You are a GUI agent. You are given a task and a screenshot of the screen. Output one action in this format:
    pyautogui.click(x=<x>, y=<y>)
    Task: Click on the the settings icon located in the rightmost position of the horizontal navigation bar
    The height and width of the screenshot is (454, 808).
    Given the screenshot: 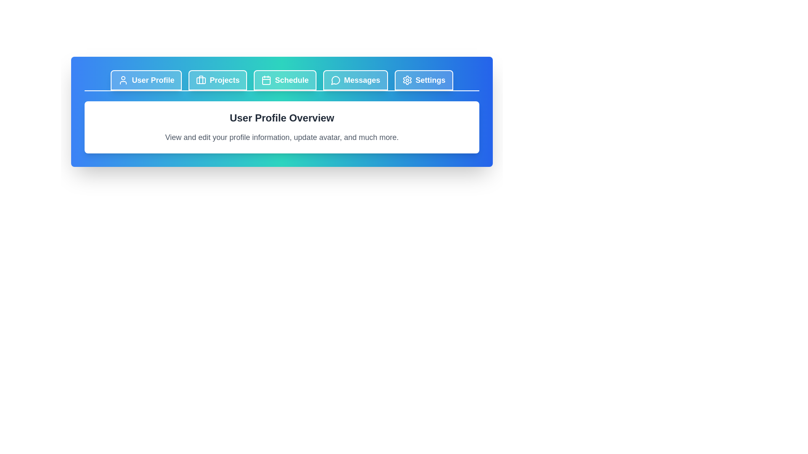 What is the action you would take?
    pyautogui.click(x=407, y=80)
    